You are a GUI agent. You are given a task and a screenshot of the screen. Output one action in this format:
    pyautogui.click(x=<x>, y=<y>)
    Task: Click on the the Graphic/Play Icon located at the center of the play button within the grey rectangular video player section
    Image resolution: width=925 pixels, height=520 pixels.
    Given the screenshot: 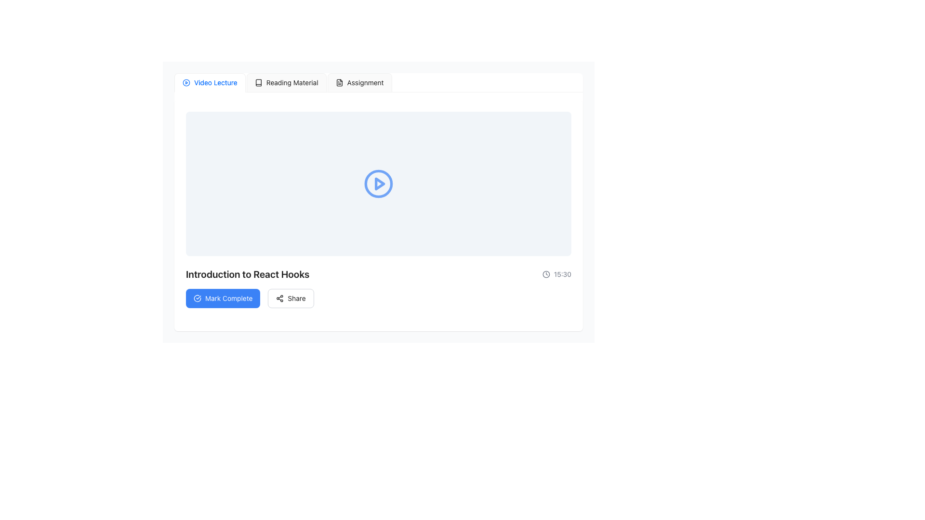 What is the action you would take?
    pyautogui.click(x=379, y=183)
    